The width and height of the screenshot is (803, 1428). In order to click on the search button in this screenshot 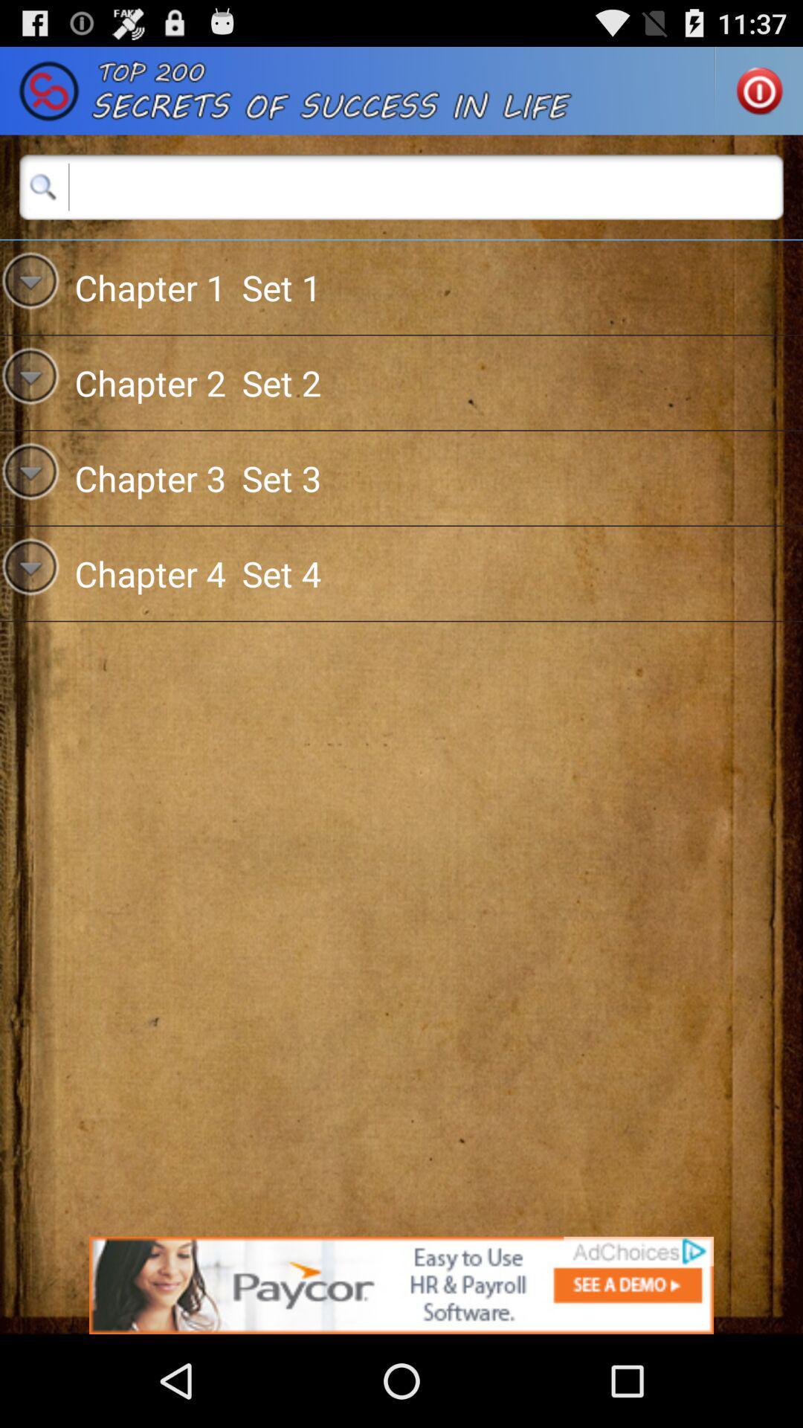, I will do `click(401, 186)`.